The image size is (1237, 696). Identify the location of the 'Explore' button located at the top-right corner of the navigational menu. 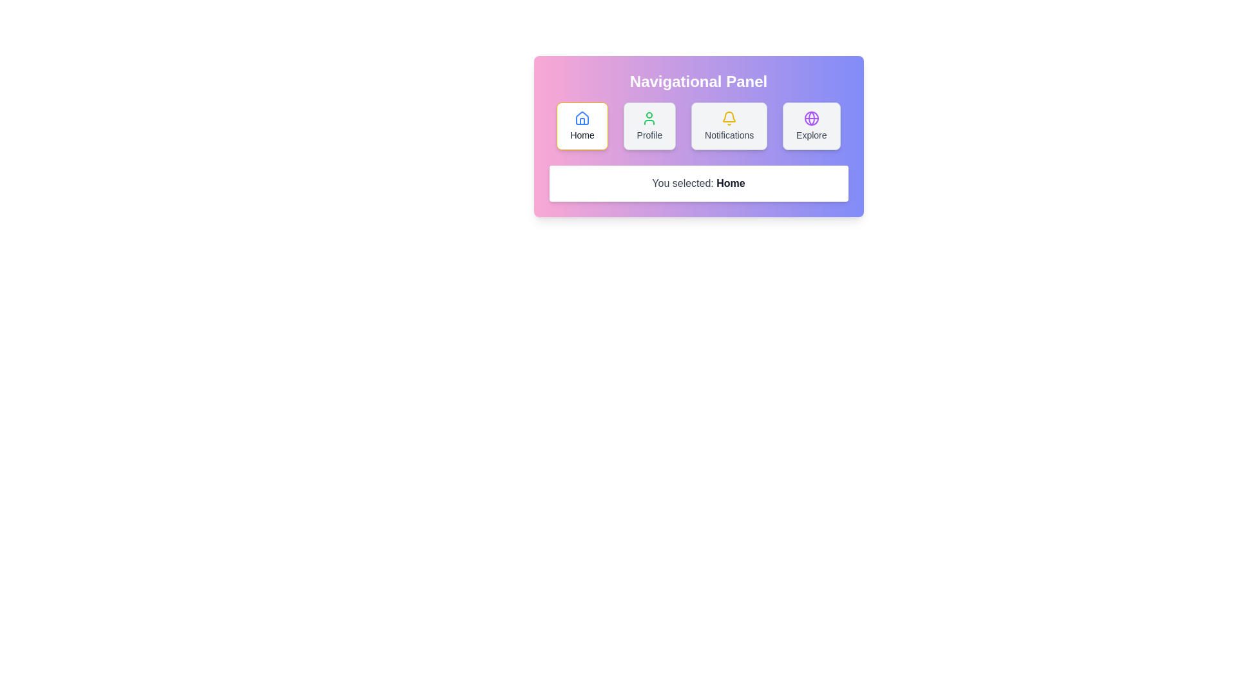
(810, 126).